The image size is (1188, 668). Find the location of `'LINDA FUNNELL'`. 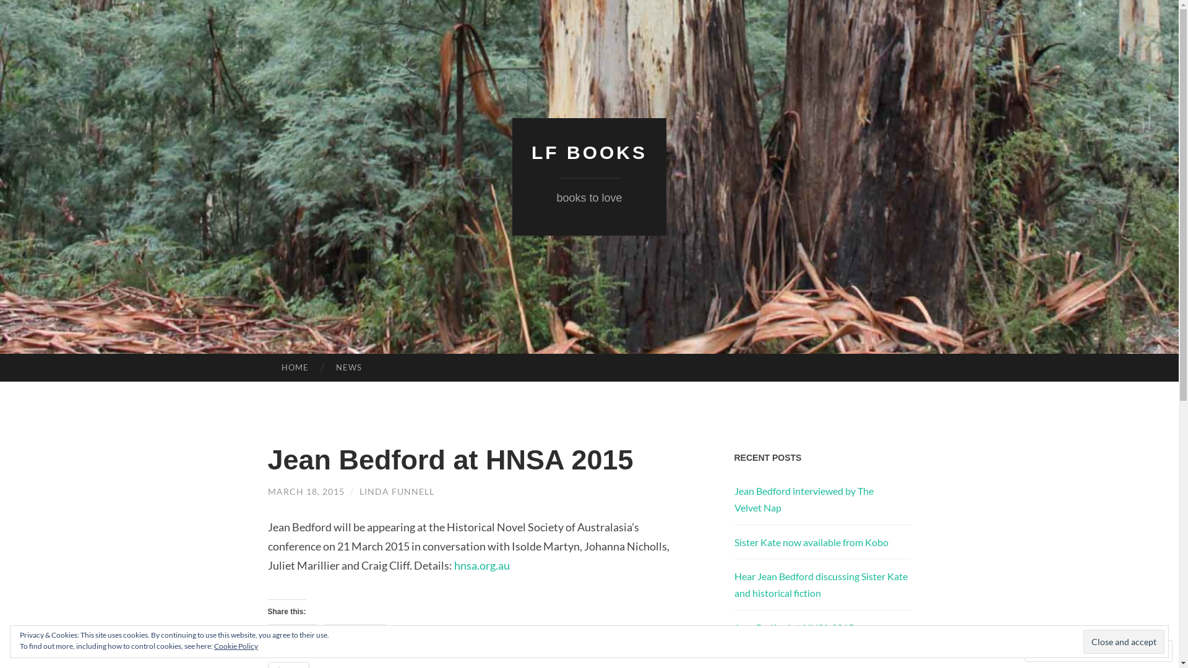

'LINDA FUNNELL' is located at coordinates (396, 490).